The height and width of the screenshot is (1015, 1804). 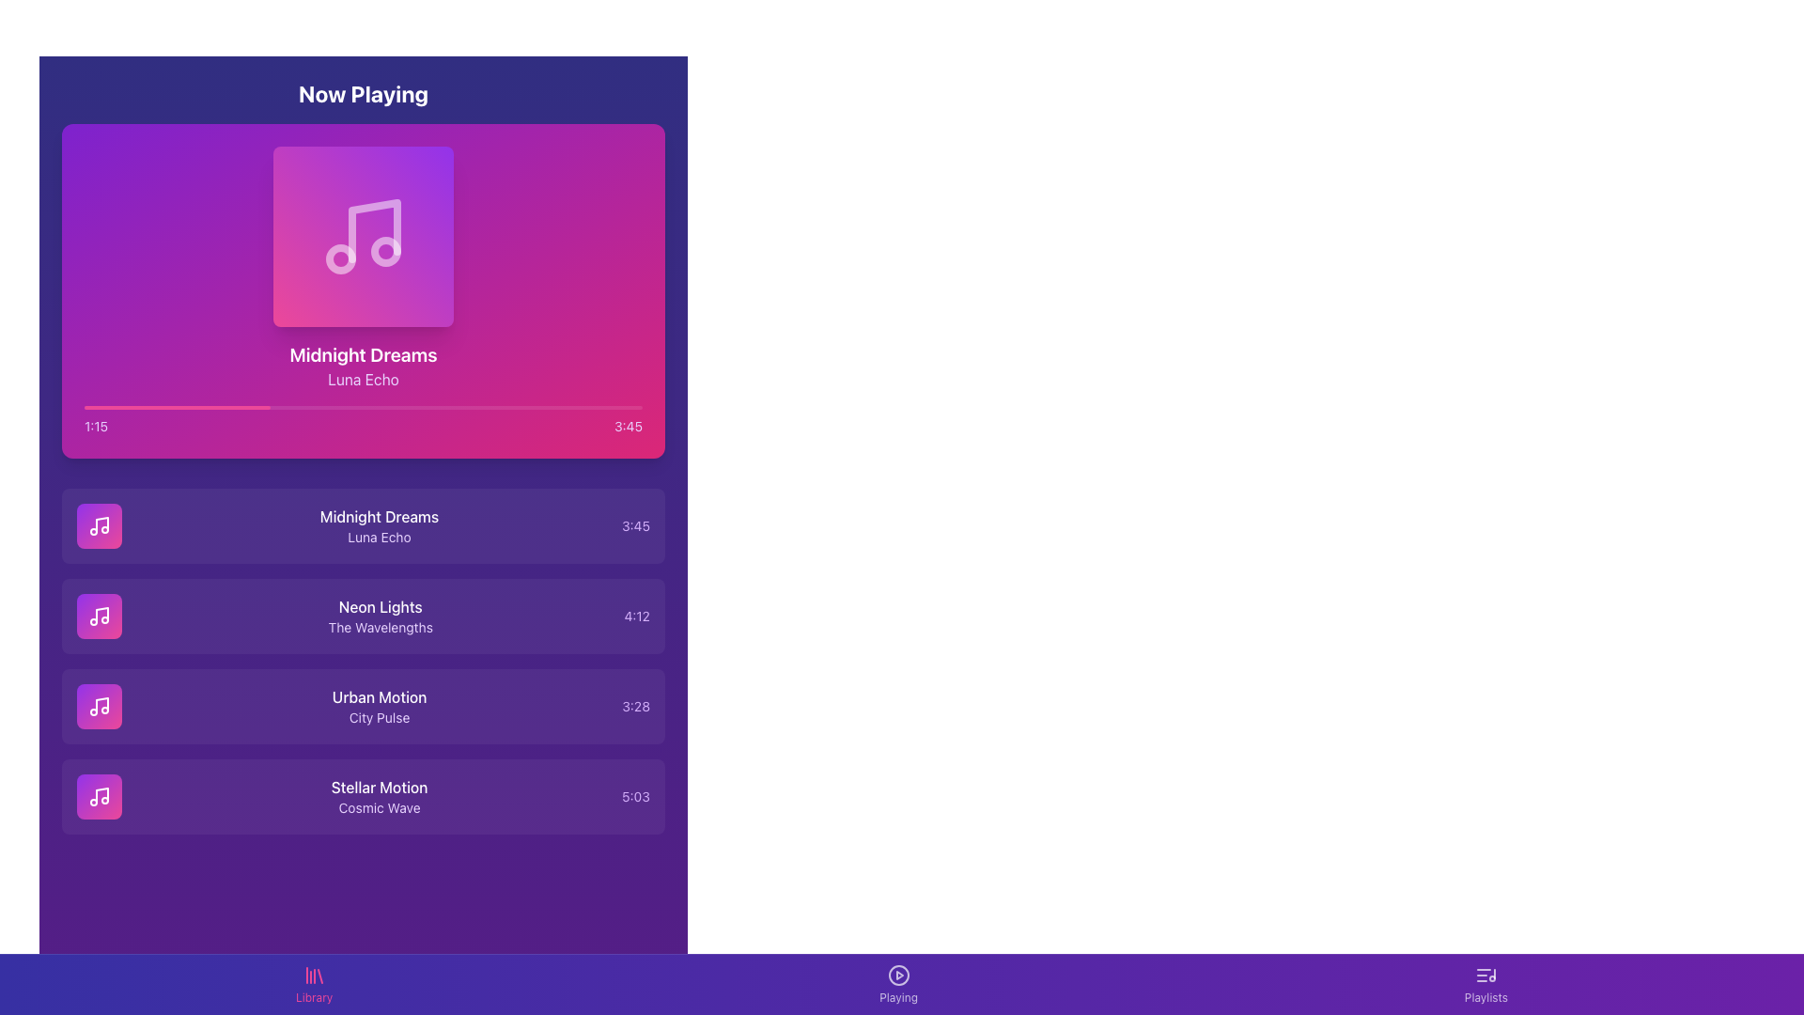 What do you see at coordinates (364, 235) in the screenshot?
I see `the thumbnail widget representing the currently selected music track 'Midnight Dreams' by 'Luna Echo' for visual feedback` at bounding box center [364, 235].